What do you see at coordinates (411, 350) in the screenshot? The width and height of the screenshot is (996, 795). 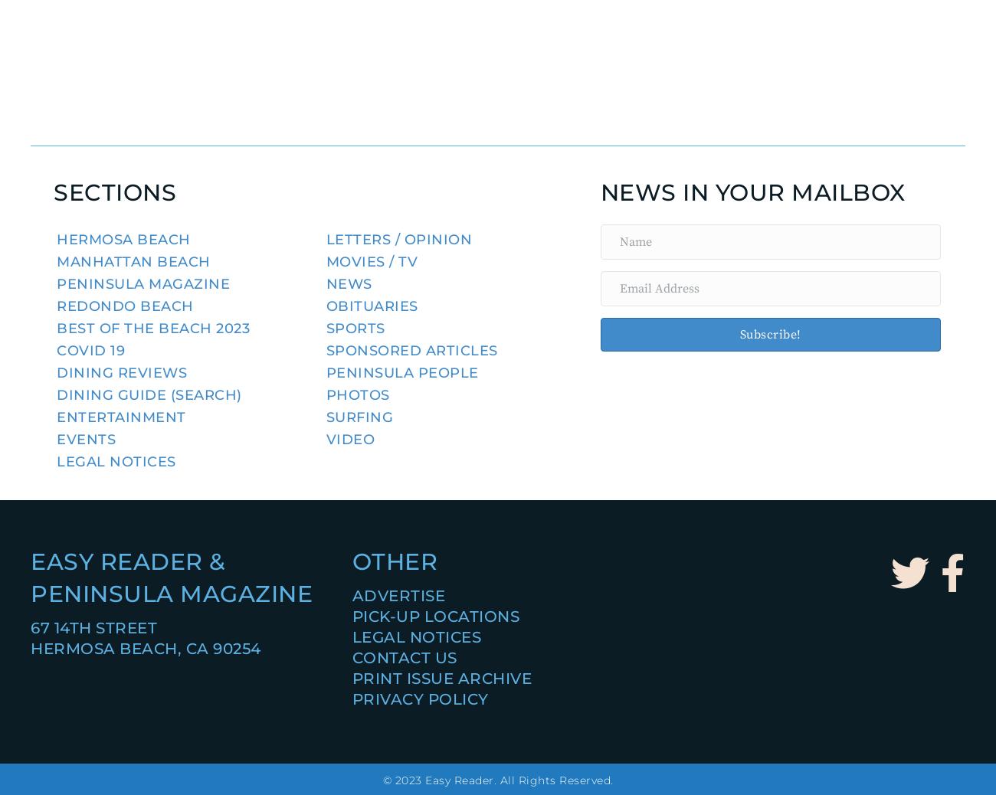 I see `'Sponsored Articles'` at bounding box center [411, 350].